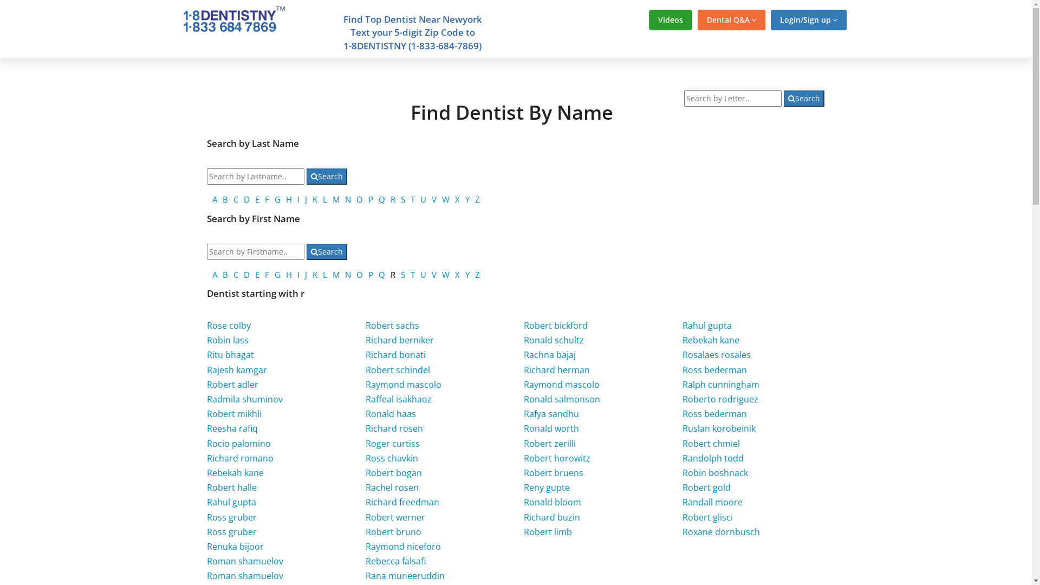 Image resolution: width=1040 pixels, height=585 pixels. I want to click on 'P', so click(368, 274).